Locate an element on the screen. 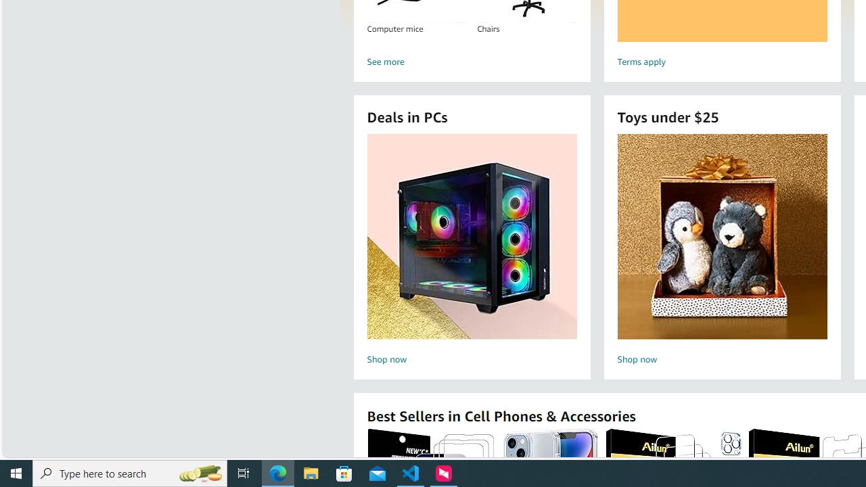 Image resolution: width=866 pixels, height=487 pixels. 'Toys under $25 Shop now' is located at coordinates (721, 251).